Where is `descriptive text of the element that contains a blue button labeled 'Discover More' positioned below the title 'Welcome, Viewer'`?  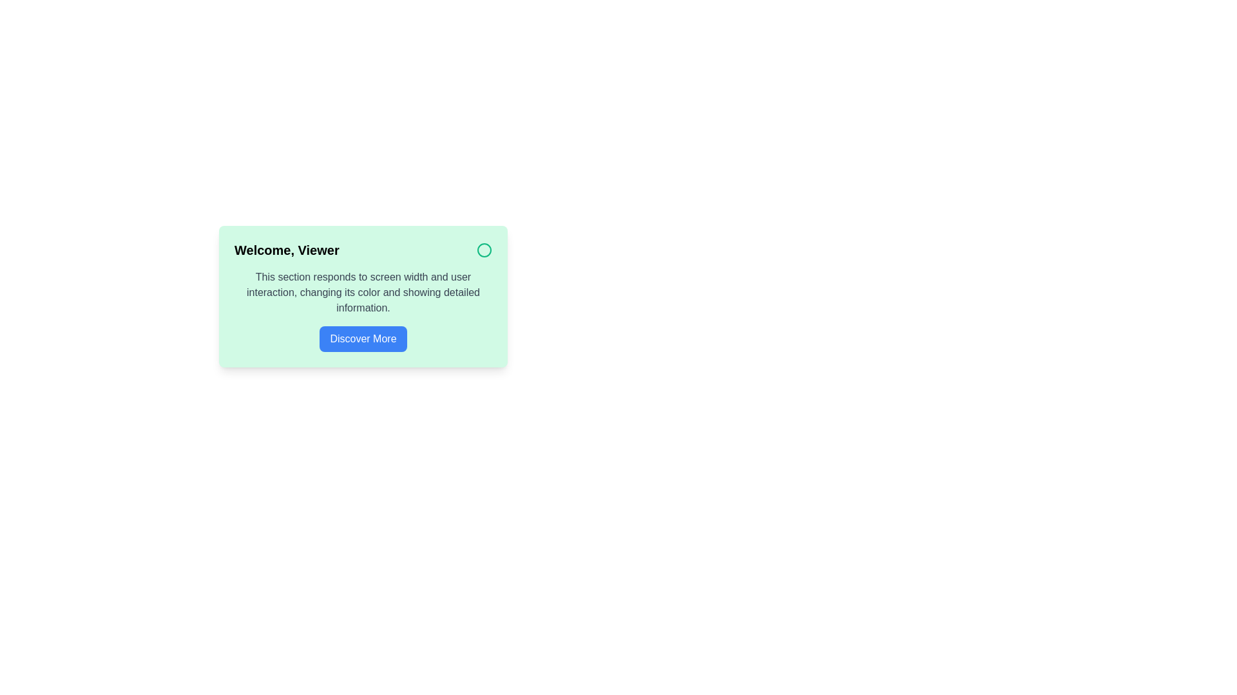 descriptive text of the element that contains a blue button labeled 'Discover More' positioned below the title 'Welcome, Viewer' is located at coordinates (363, 310).